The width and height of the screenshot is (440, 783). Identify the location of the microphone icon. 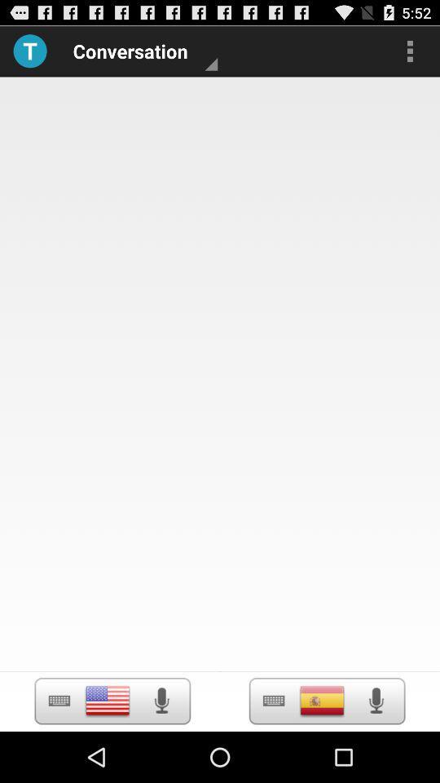
(376, 750).